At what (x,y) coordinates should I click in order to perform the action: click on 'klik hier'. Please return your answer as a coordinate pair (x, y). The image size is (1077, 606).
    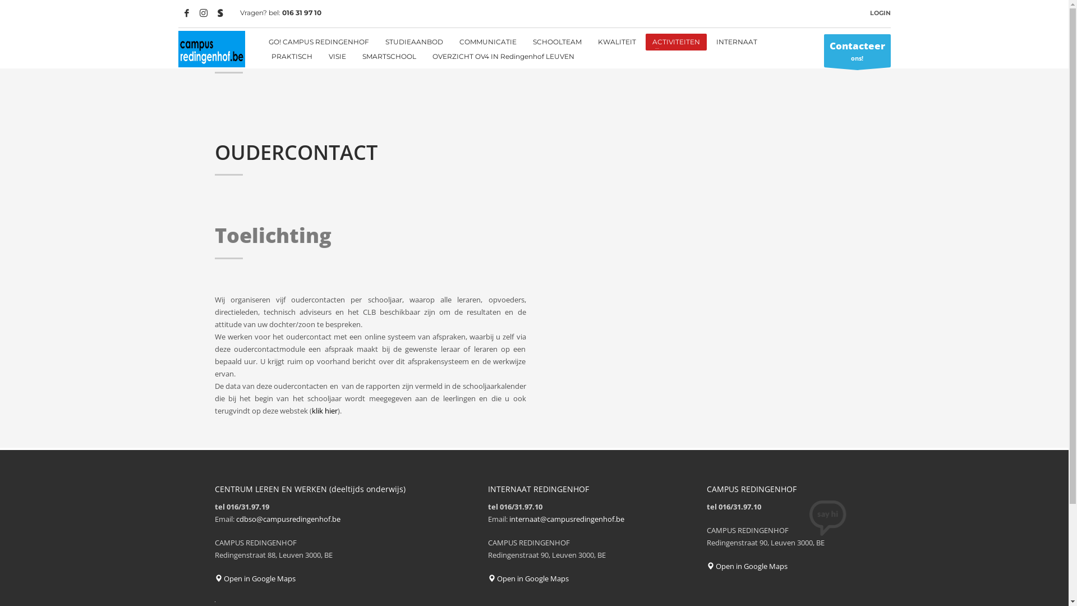
    Looking at the image, I should click on (324, 411).